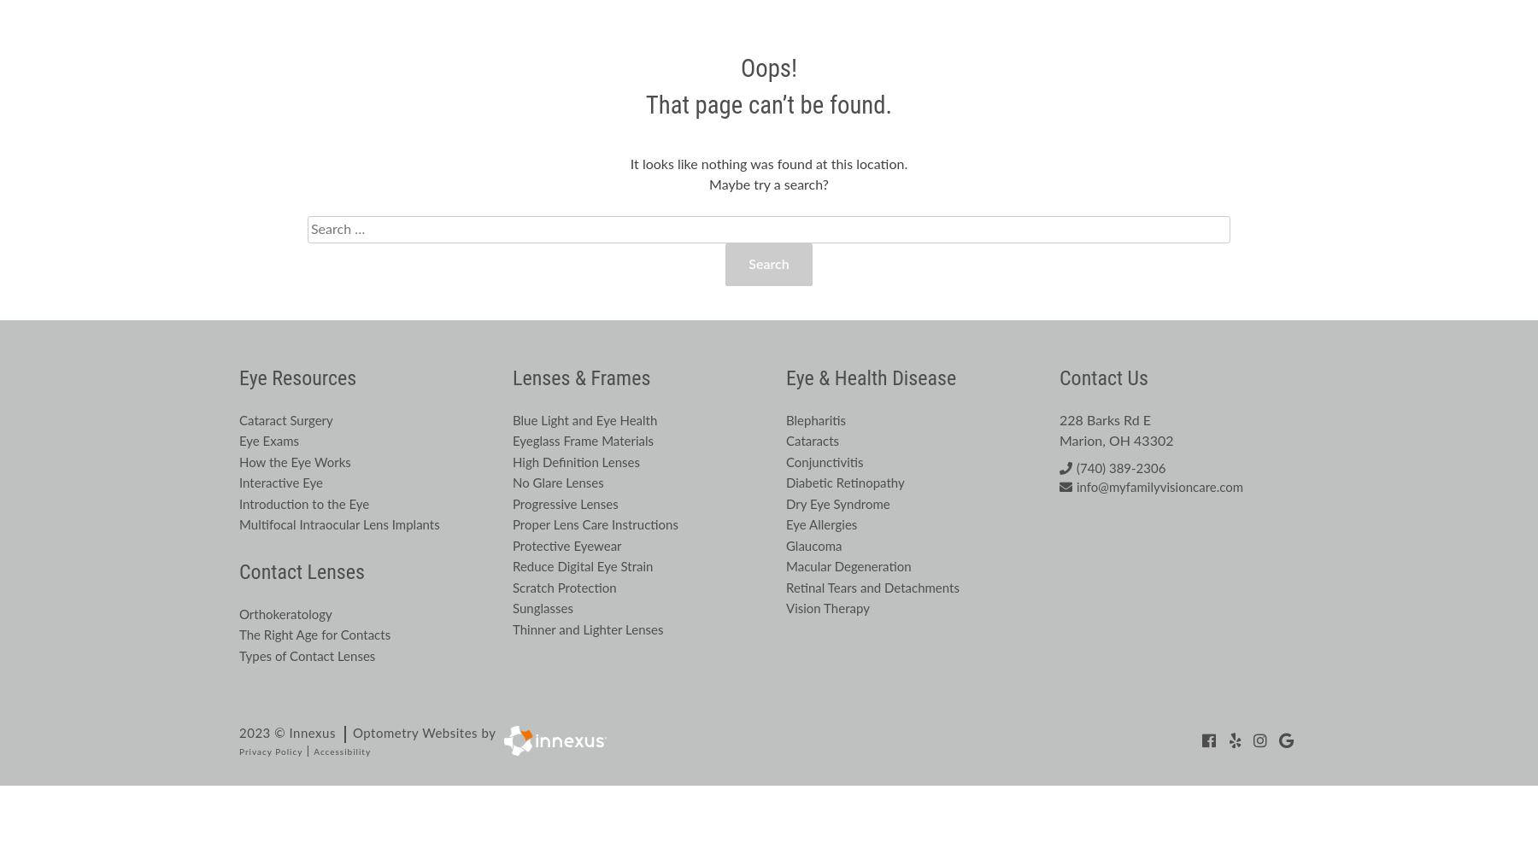 The height and width of the screenshot is (854, 1538). Describe the element at coordinates (543, 608) in the screenshot. I see `'Sunglasses'` at that location.